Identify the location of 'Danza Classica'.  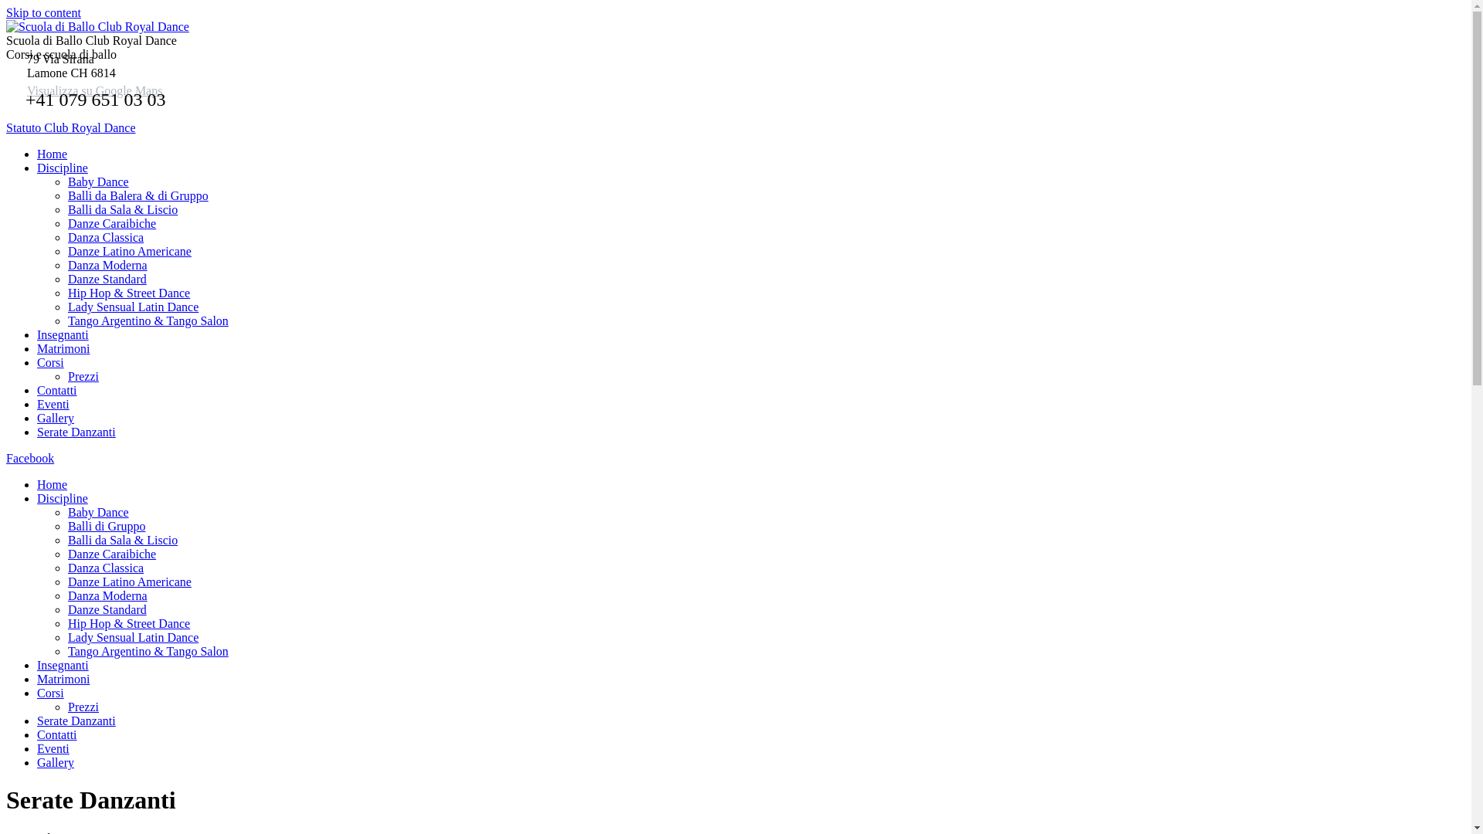
(105, 568).